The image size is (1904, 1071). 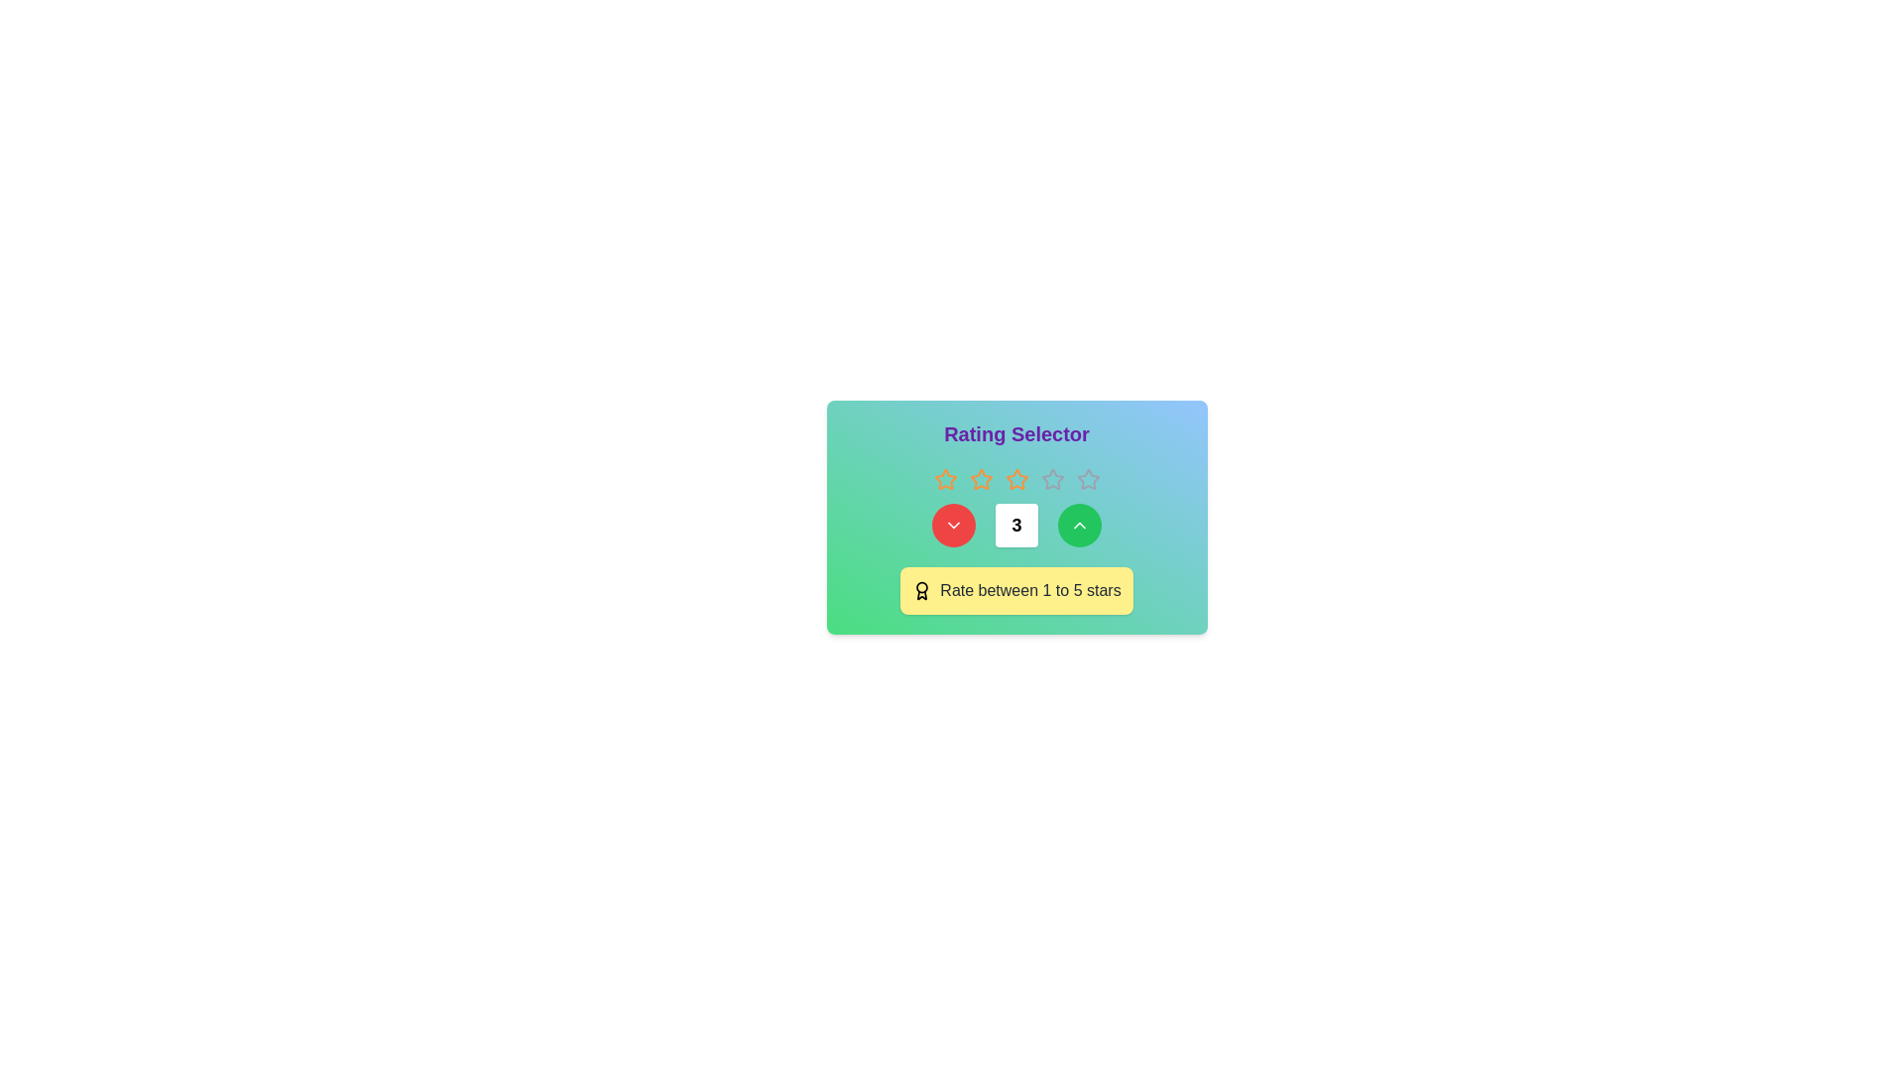 I want to click on the third star icon from the left in the horizontal row of star icons located at the center top of the card layout, so click(x=981, y=479).